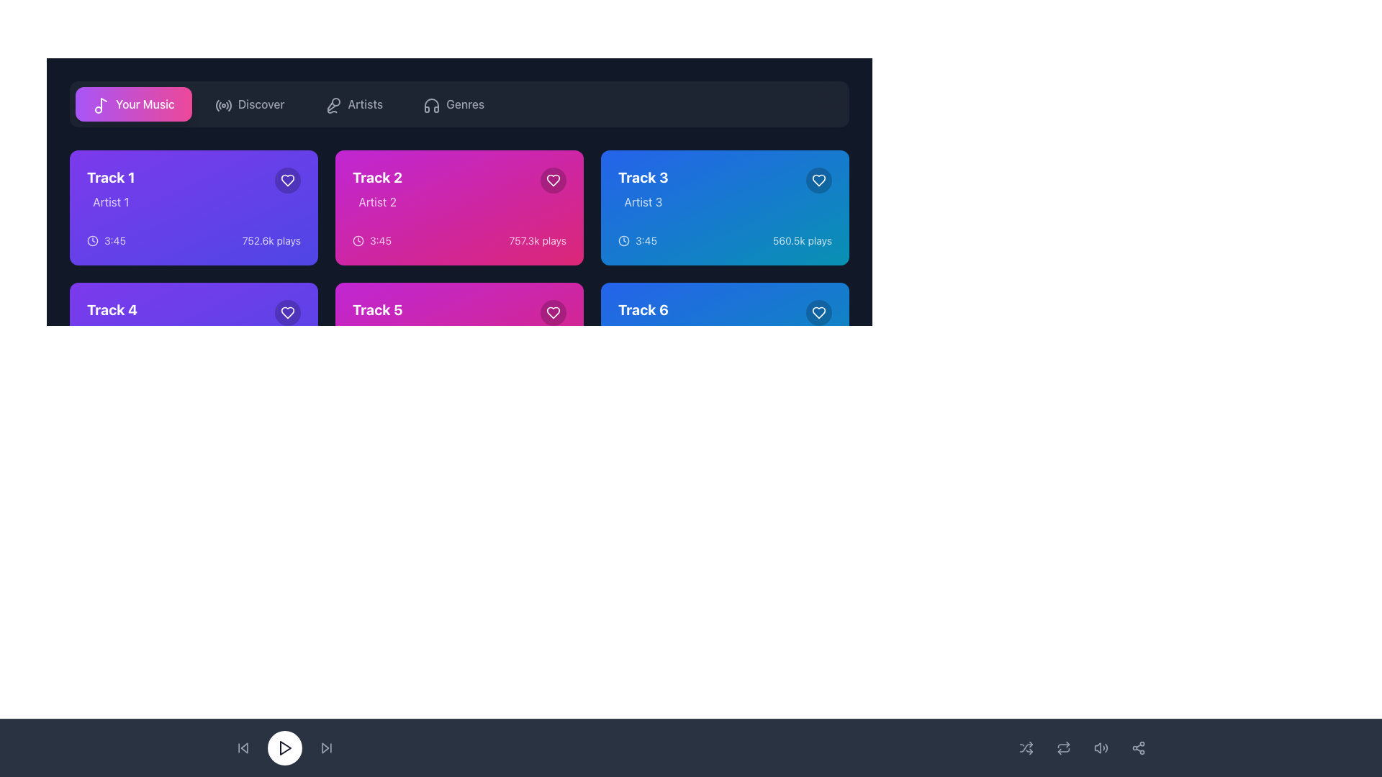  Describe the element at coordinates (818, 179) in the screenshot. I see `the heart-shaped icon button located in the top-right corner of the card for 'Track 3' by 'Artist 3' to mark or unmark it as favorite` at that location.